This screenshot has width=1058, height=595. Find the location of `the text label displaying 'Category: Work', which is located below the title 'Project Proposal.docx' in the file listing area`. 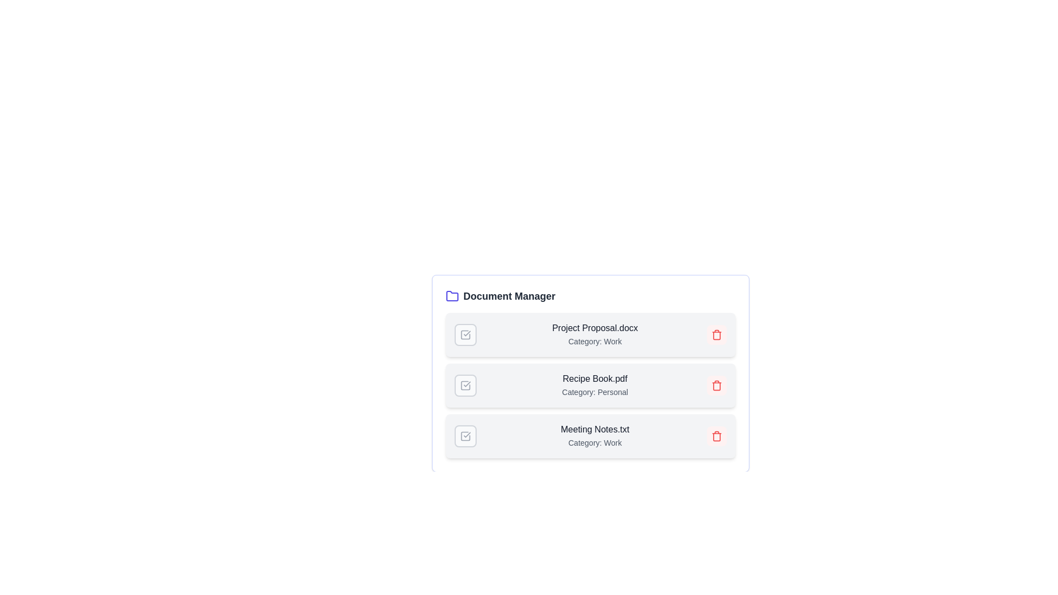

the text label displaying 'Category: Work', which is located below the title 'Project Proposal.docx' in the file listing area is located at coordinates (595, 341).